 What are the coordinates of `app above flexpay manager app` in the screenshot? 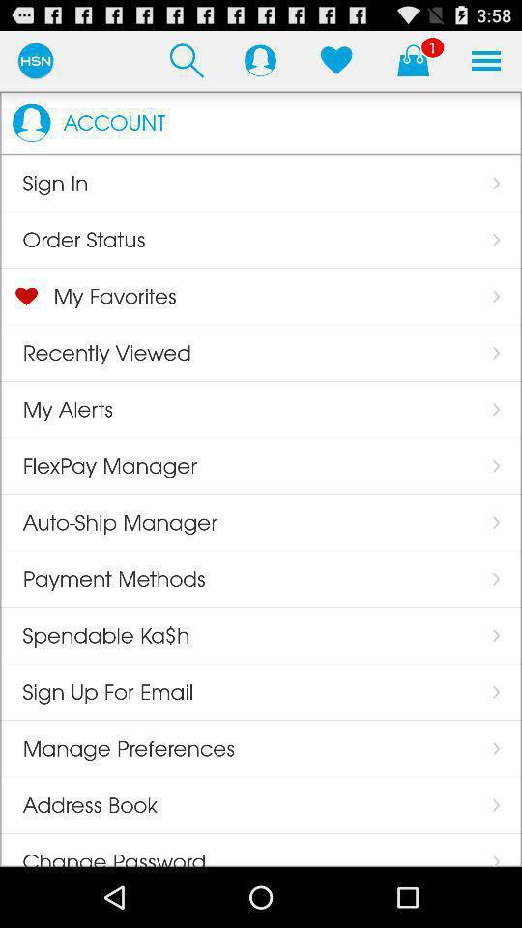 It's located at (56, 409).